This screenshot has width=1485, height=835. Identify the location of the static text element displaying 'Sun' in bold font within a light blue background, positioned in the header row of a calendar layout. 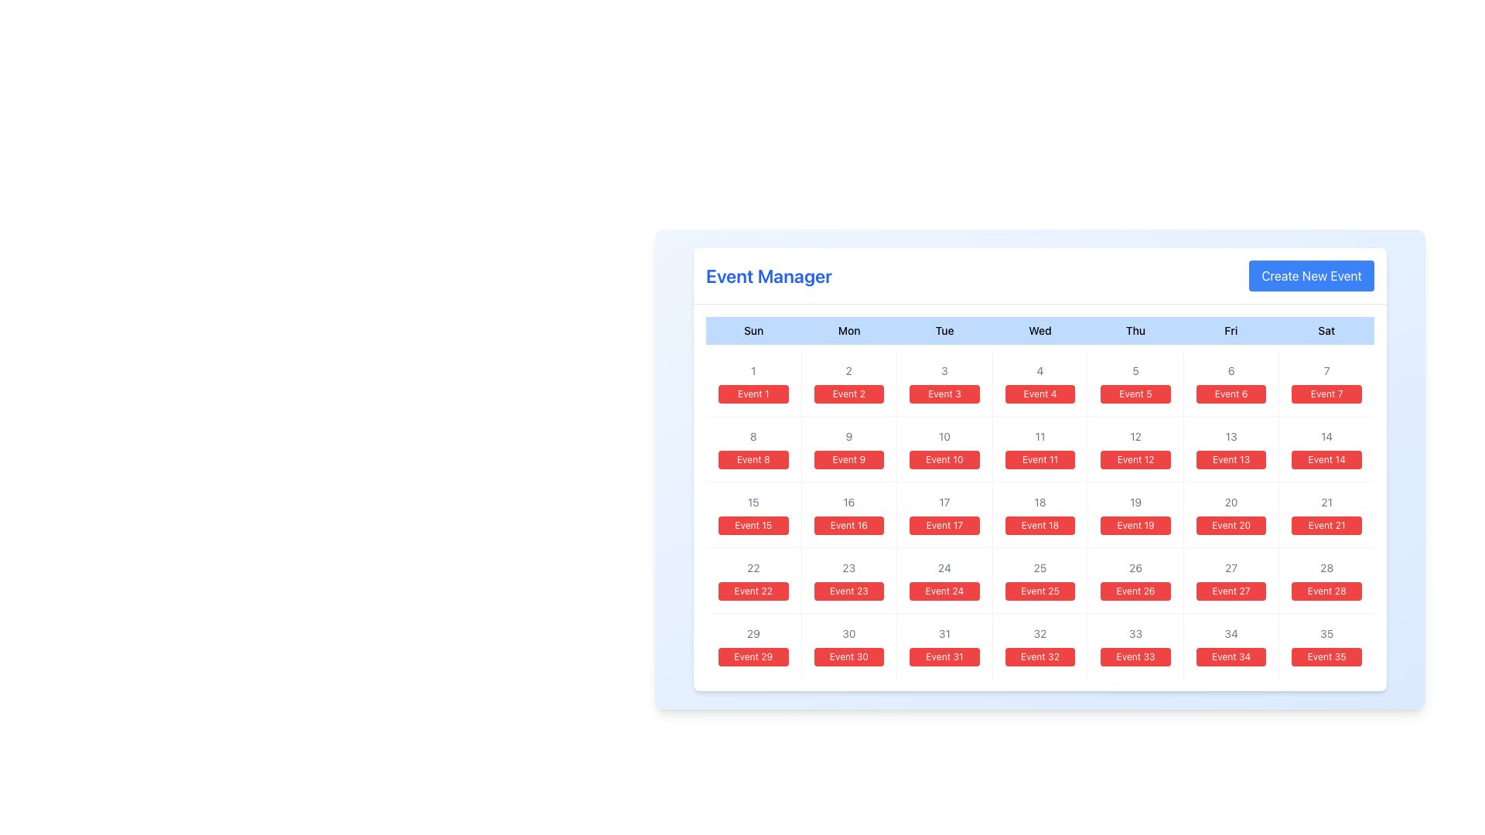
(753, 330).